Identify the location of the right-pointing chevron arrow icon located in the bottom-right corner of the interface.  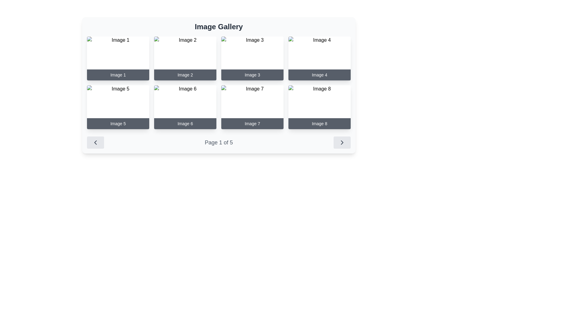
(342, 142).